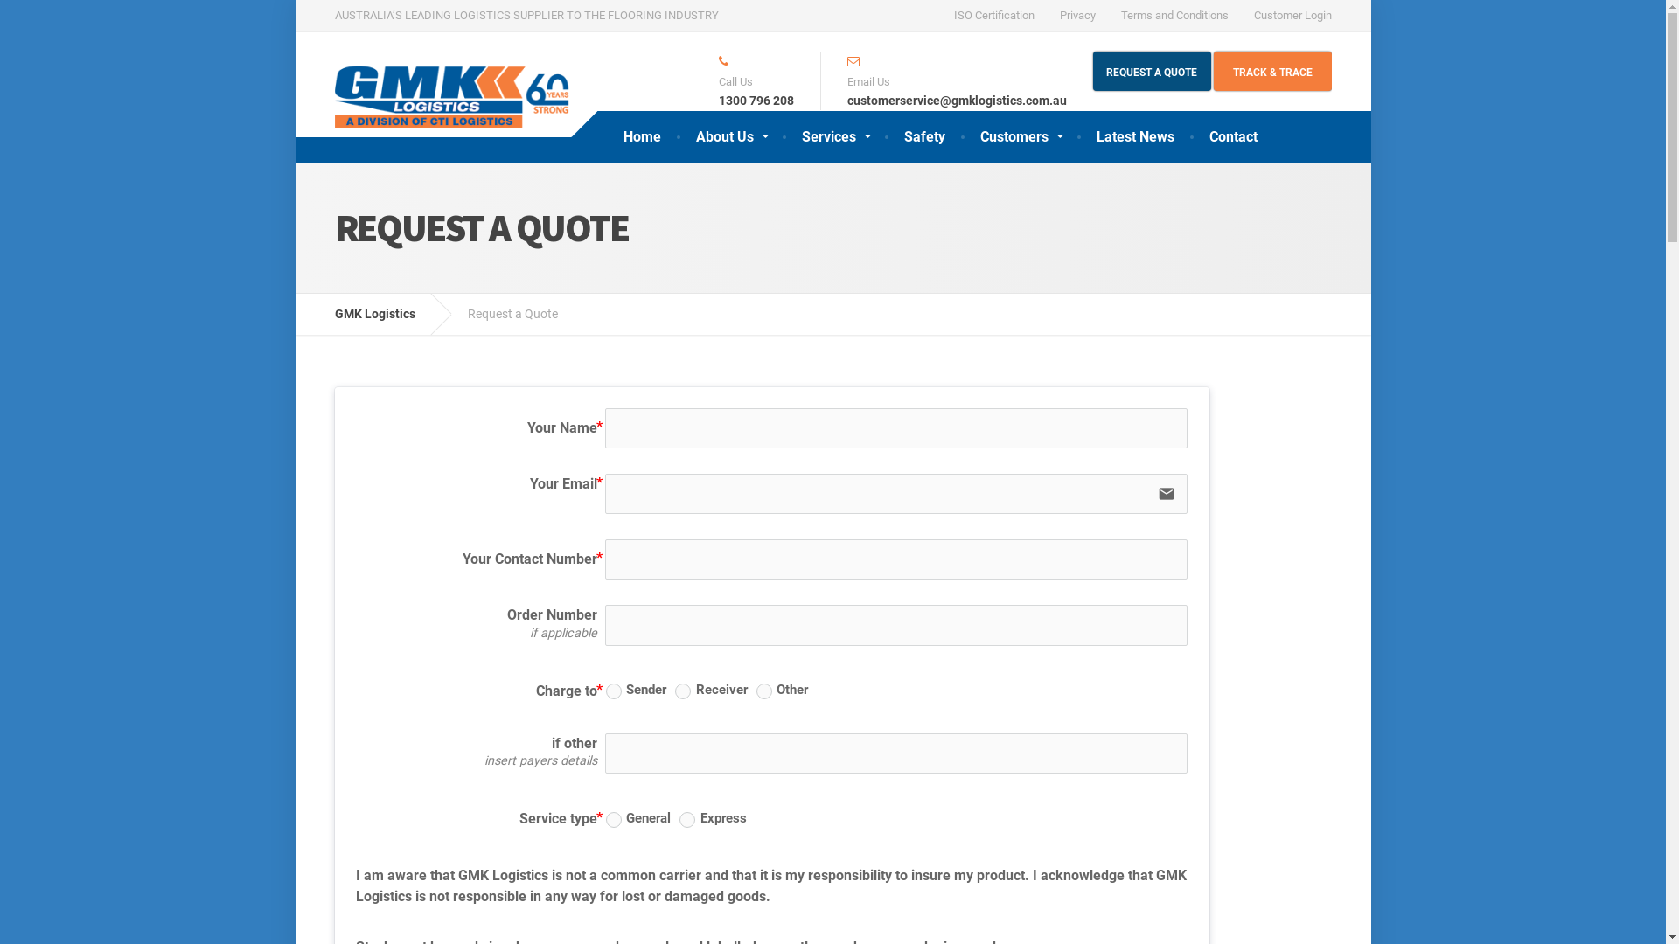  I want to click on 'REQUEST A QUOTE', so click(1152, 70).